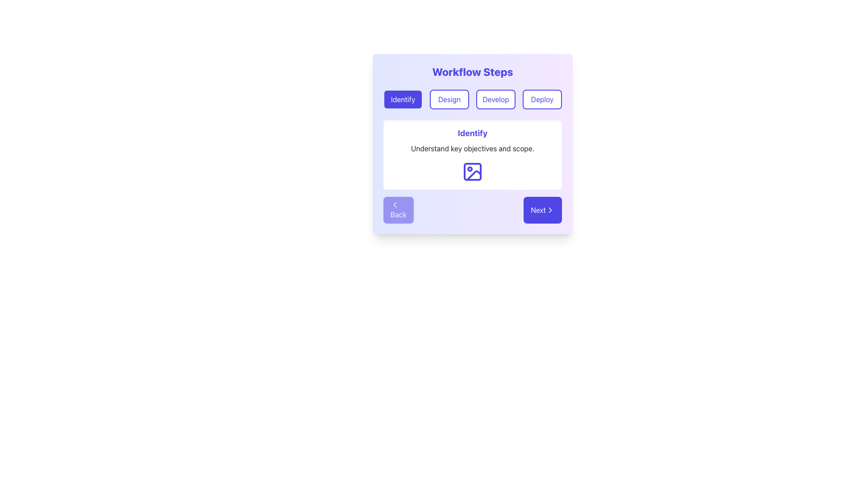  What do you see at coordinates (472, 154) in the screenshot?
I see `the Informative Card located centrally beneath the 'Identify' button and above the 'Back' button in the workflow process` at bounding box center [472, 154].